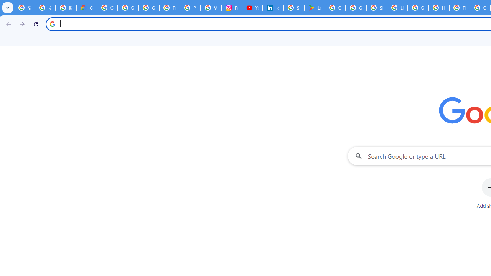 This screenshot has width=491, height=276. I want to click on 'How do I create a new Google Account? - Google Account Help', so click(439, 8).